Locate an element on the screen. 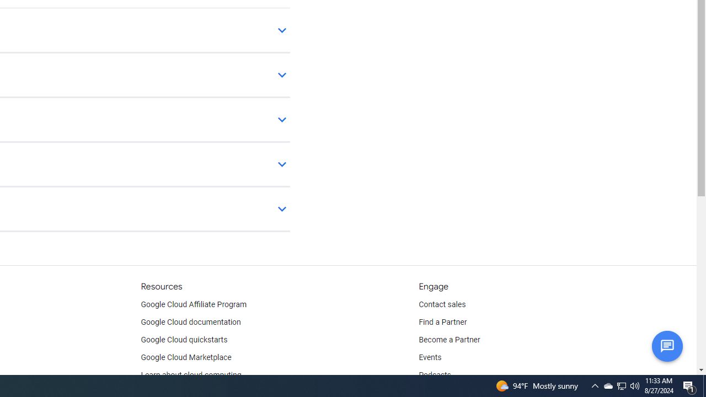 The height and width of the screenshot is (397, 706). 'Become a Partner' is located at coordinates (449, 340).